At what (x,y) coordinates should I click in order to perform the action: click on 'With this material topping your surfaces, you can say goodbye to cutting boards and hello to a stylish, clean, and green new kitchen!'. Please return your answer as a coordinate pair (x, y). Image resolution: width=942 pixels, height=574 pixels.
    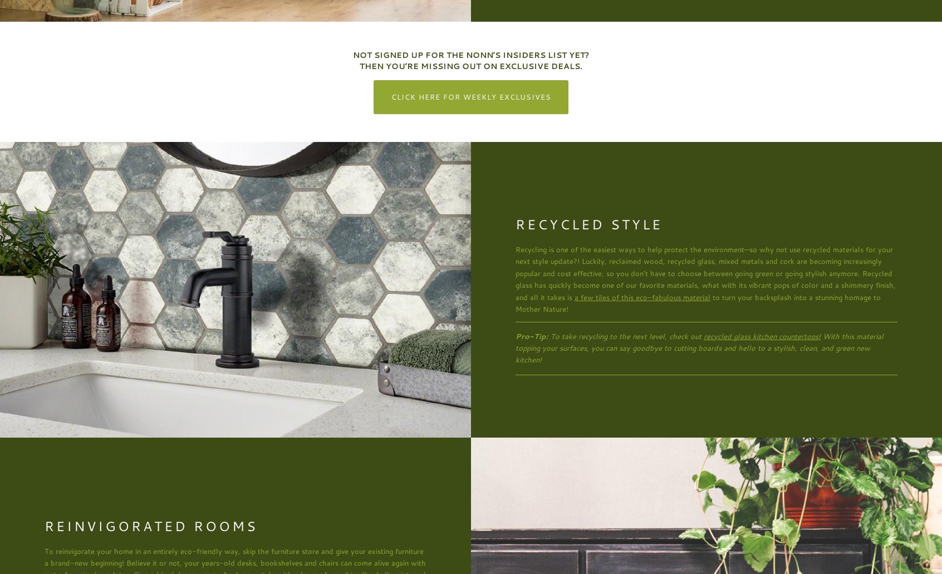
    Looking at the image, I should click on (699, 347).